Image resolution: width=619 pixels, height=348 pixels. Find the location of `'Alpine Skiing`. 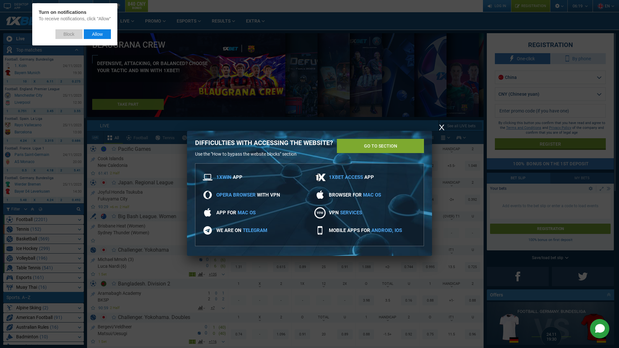

'Alpine Skiing is located at coordinates (43, 307).